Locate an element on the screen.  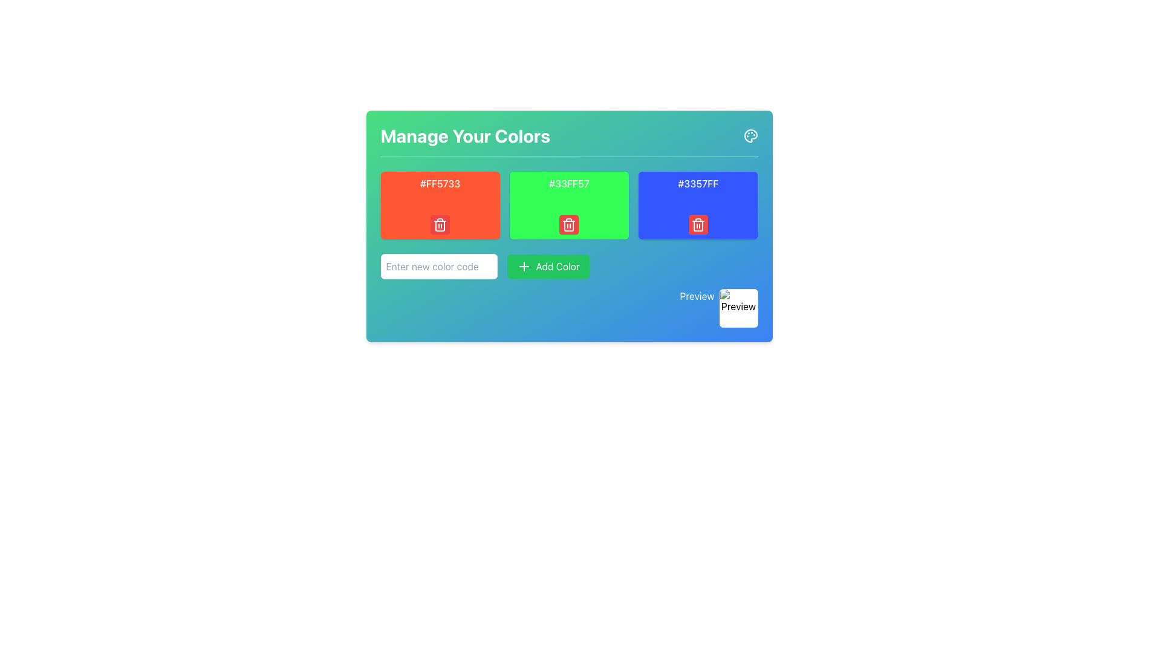
the green '+' icon inside the 'Add Color' button is located at coordinates (524, 265).